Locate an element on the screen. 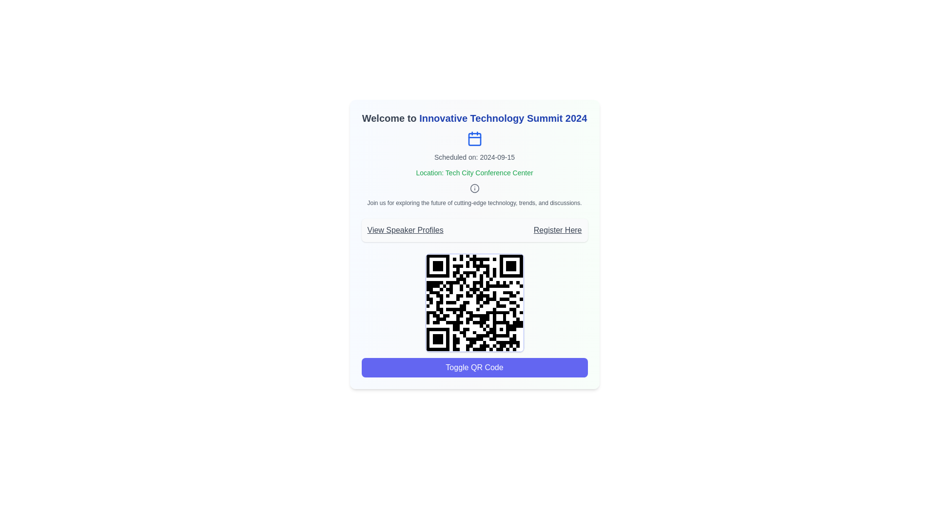 This screenshot has width=936, height=526. the text 'Welcome to', which is styled in gray font and located at the beginning of the header for 'Innovative Technology Summit 2024' is located at coordinates (389, 118).